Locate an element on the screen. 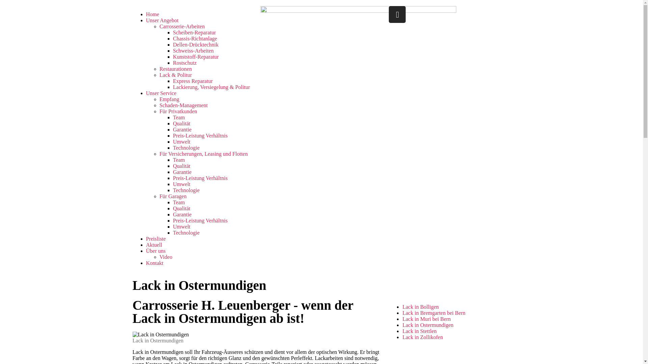  'Home' is located at coordinates (152, 14).